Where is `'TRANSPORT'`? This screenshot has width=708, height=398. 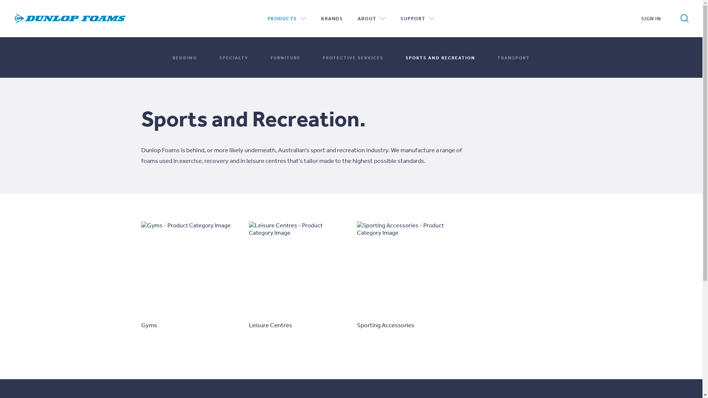 'TRANSPORT' is located at coordinates (513, 57).